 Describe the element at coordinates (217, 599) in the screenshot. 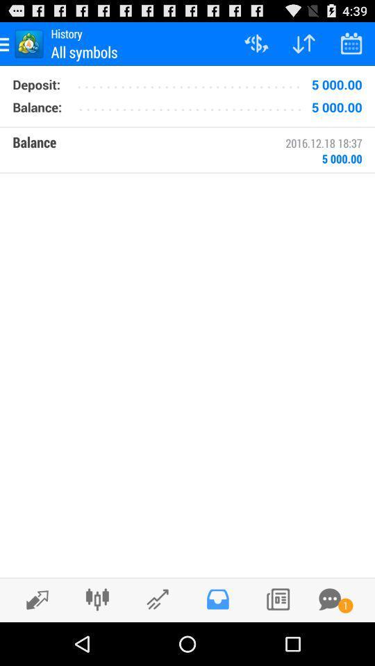

I see `save` at that location.